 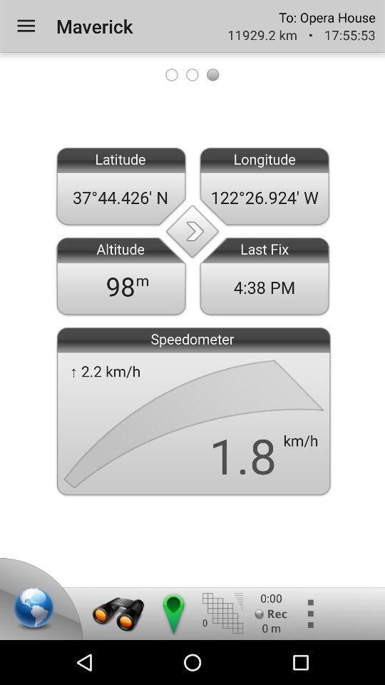 I want to click on gps, so click(x=173, y=613).